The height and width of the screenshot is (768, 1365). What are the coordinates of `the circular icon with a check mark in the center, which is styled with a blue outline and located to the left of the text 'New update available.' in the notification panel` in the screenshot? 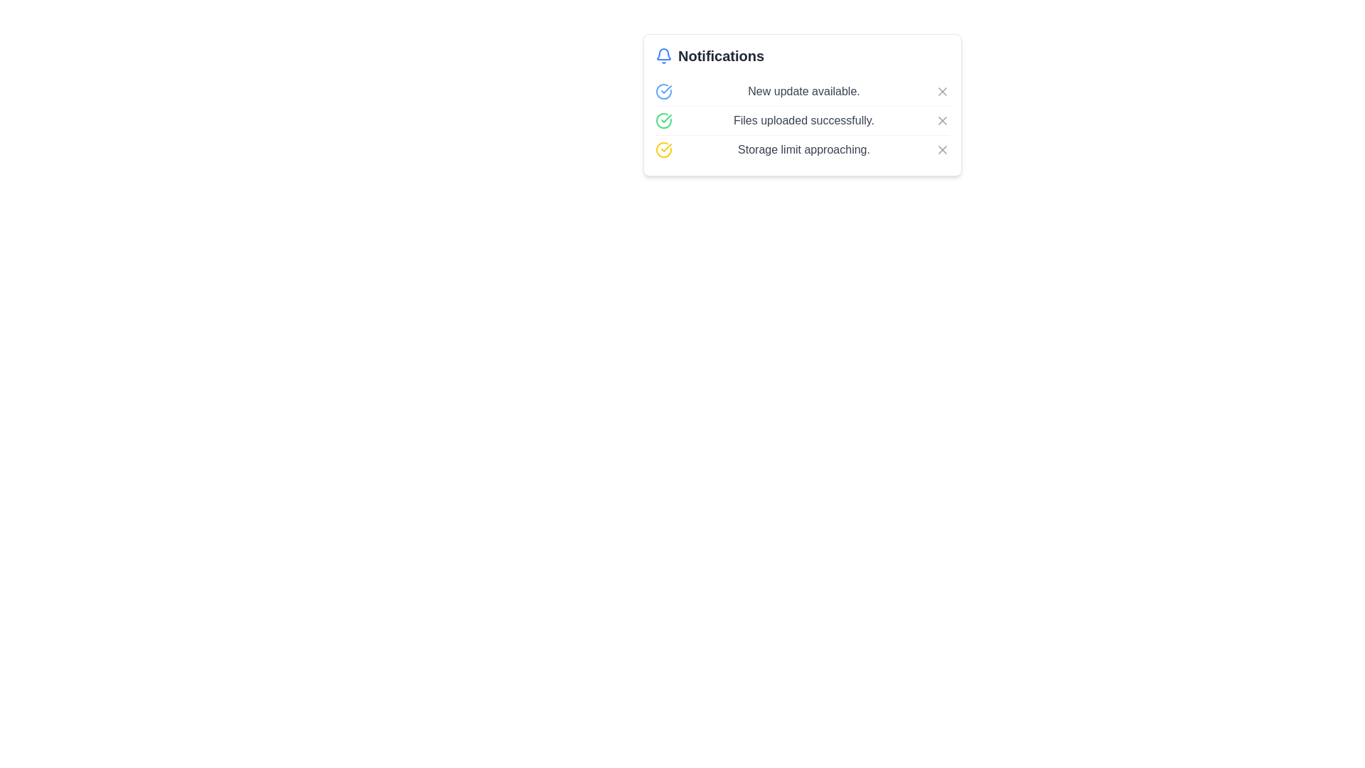 It's located at (663, 91).